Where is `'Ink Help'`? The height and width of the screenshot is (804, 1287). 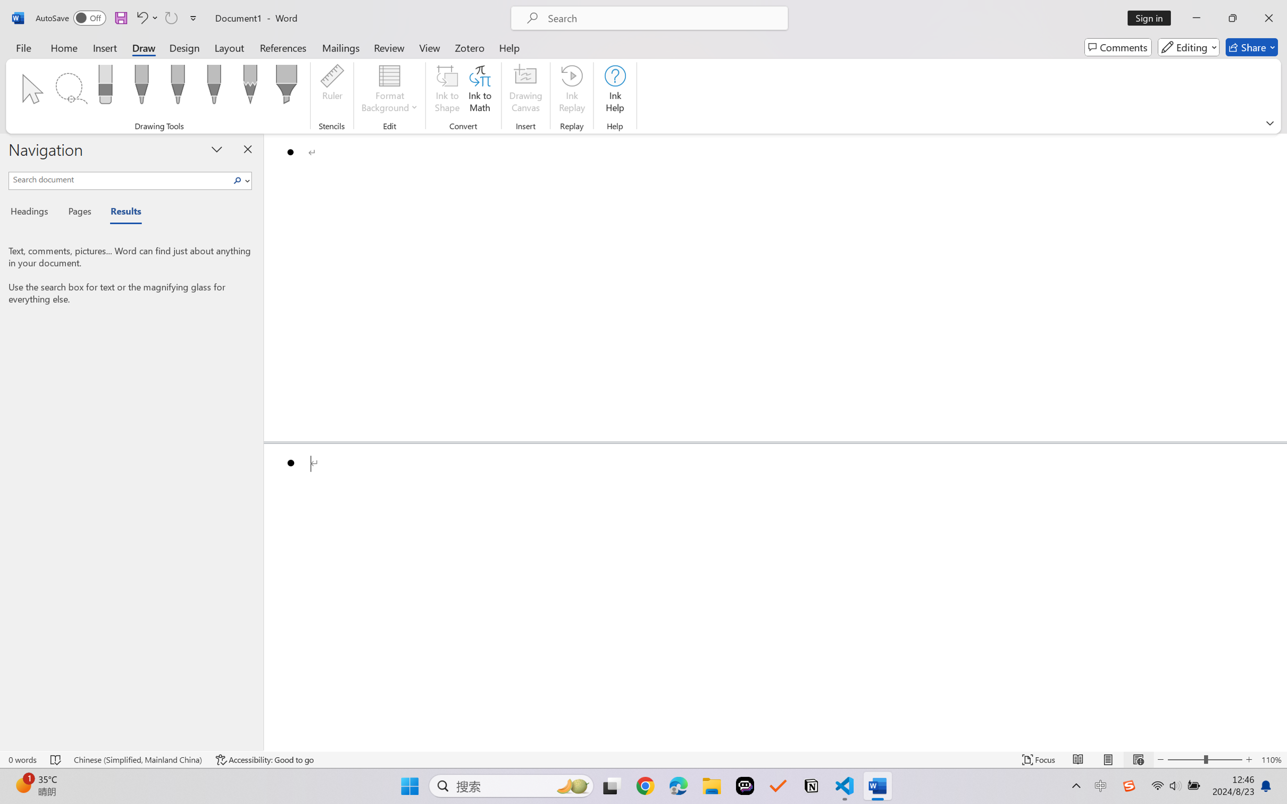 'Ink Help' is located at coordinates (614, 90).